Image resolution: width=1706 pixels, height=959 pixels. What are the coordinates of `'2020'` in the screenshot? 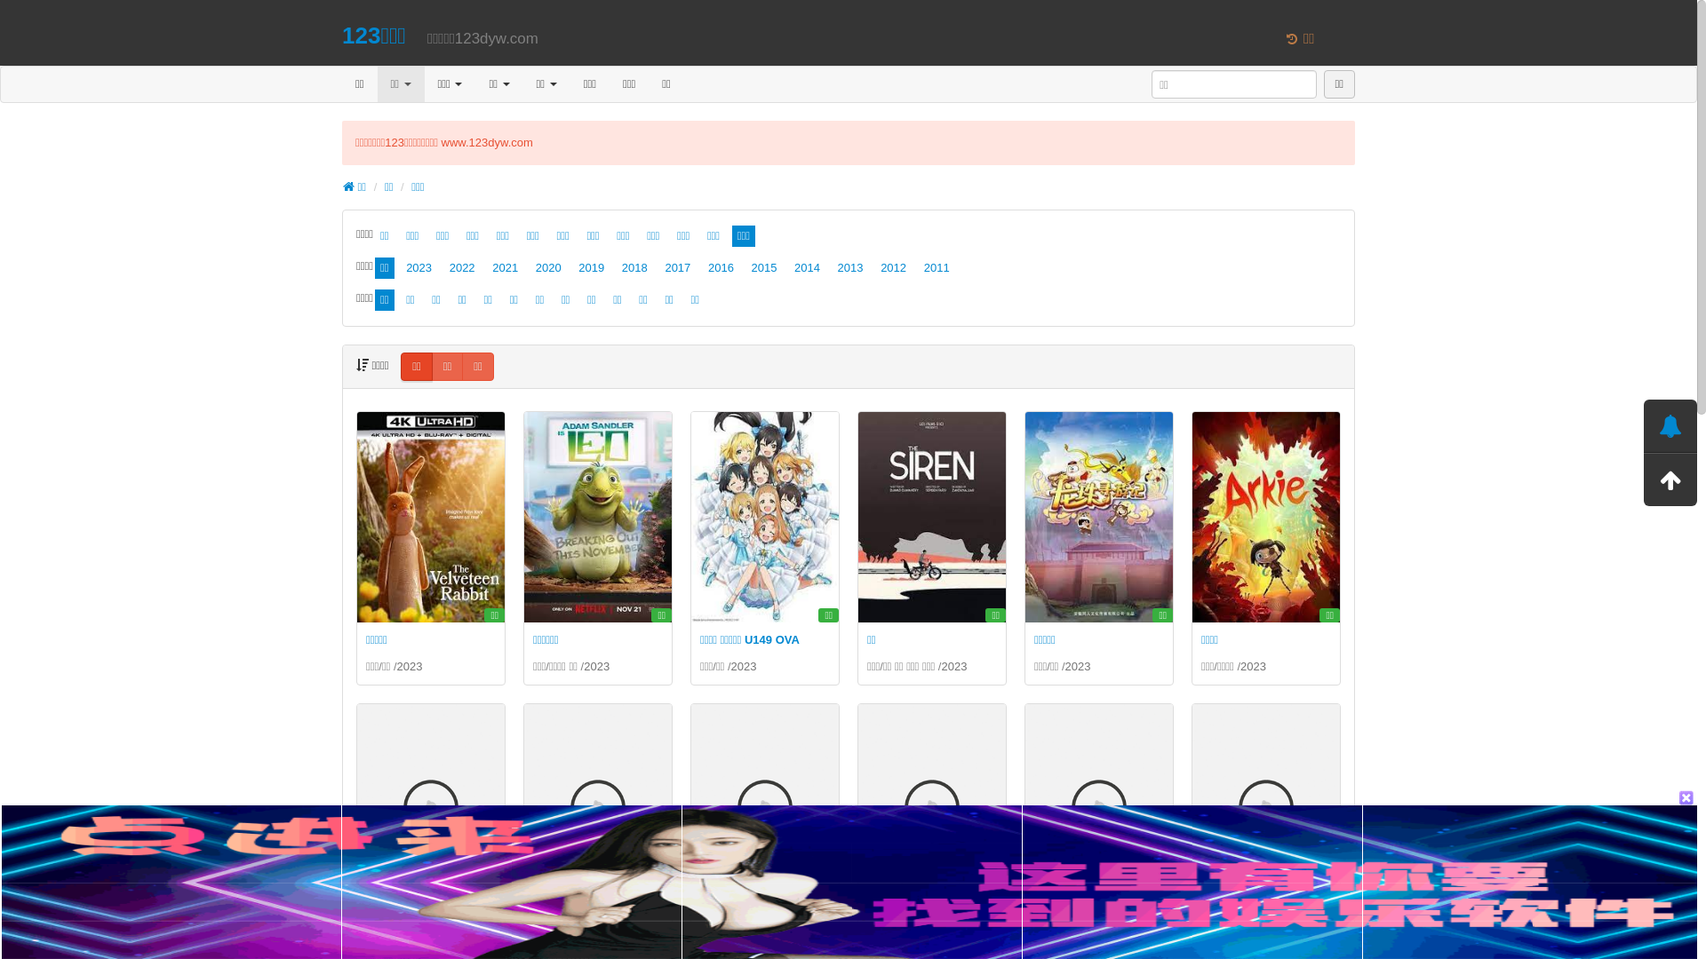 It's located at (547, 267).